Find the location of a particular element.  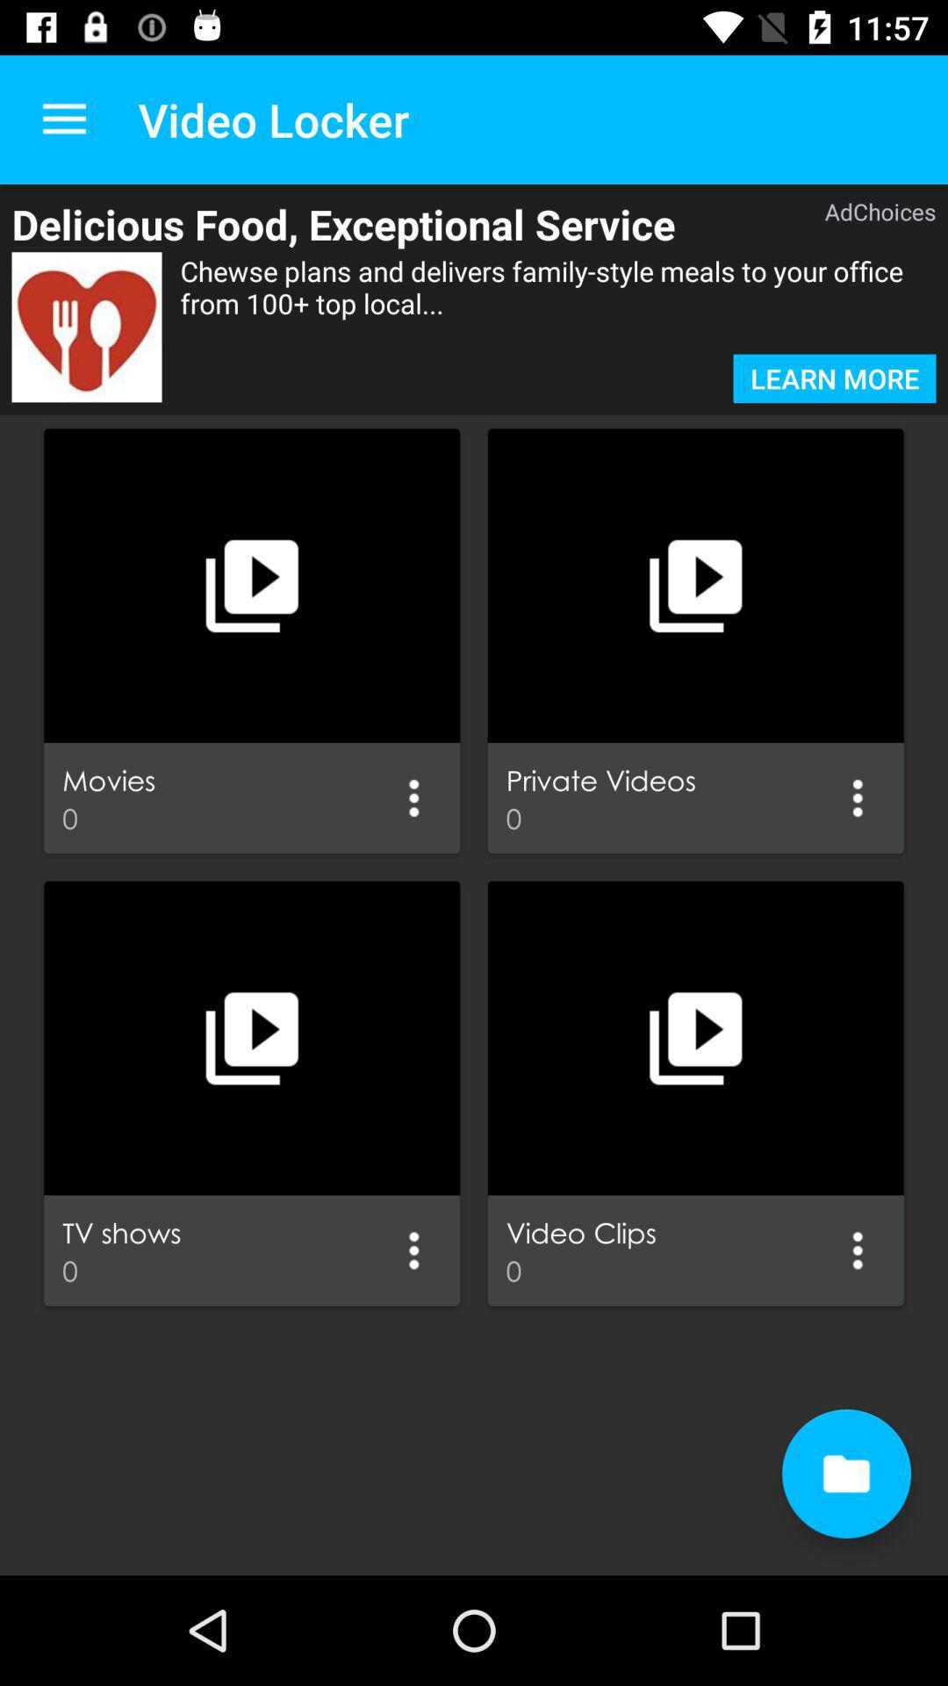

give me more options is located at coordinates (413, 796).